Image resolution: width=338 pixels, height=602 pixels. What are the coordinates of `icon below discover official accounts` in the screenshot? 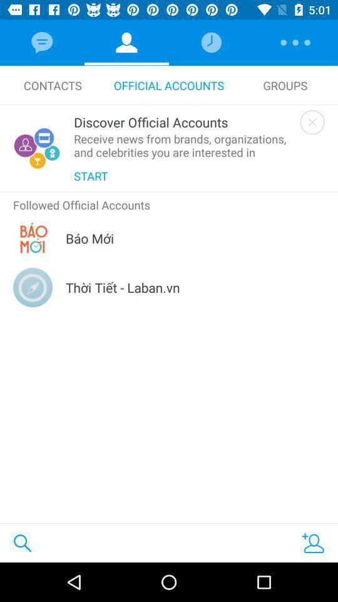 It's located at (183, 145).